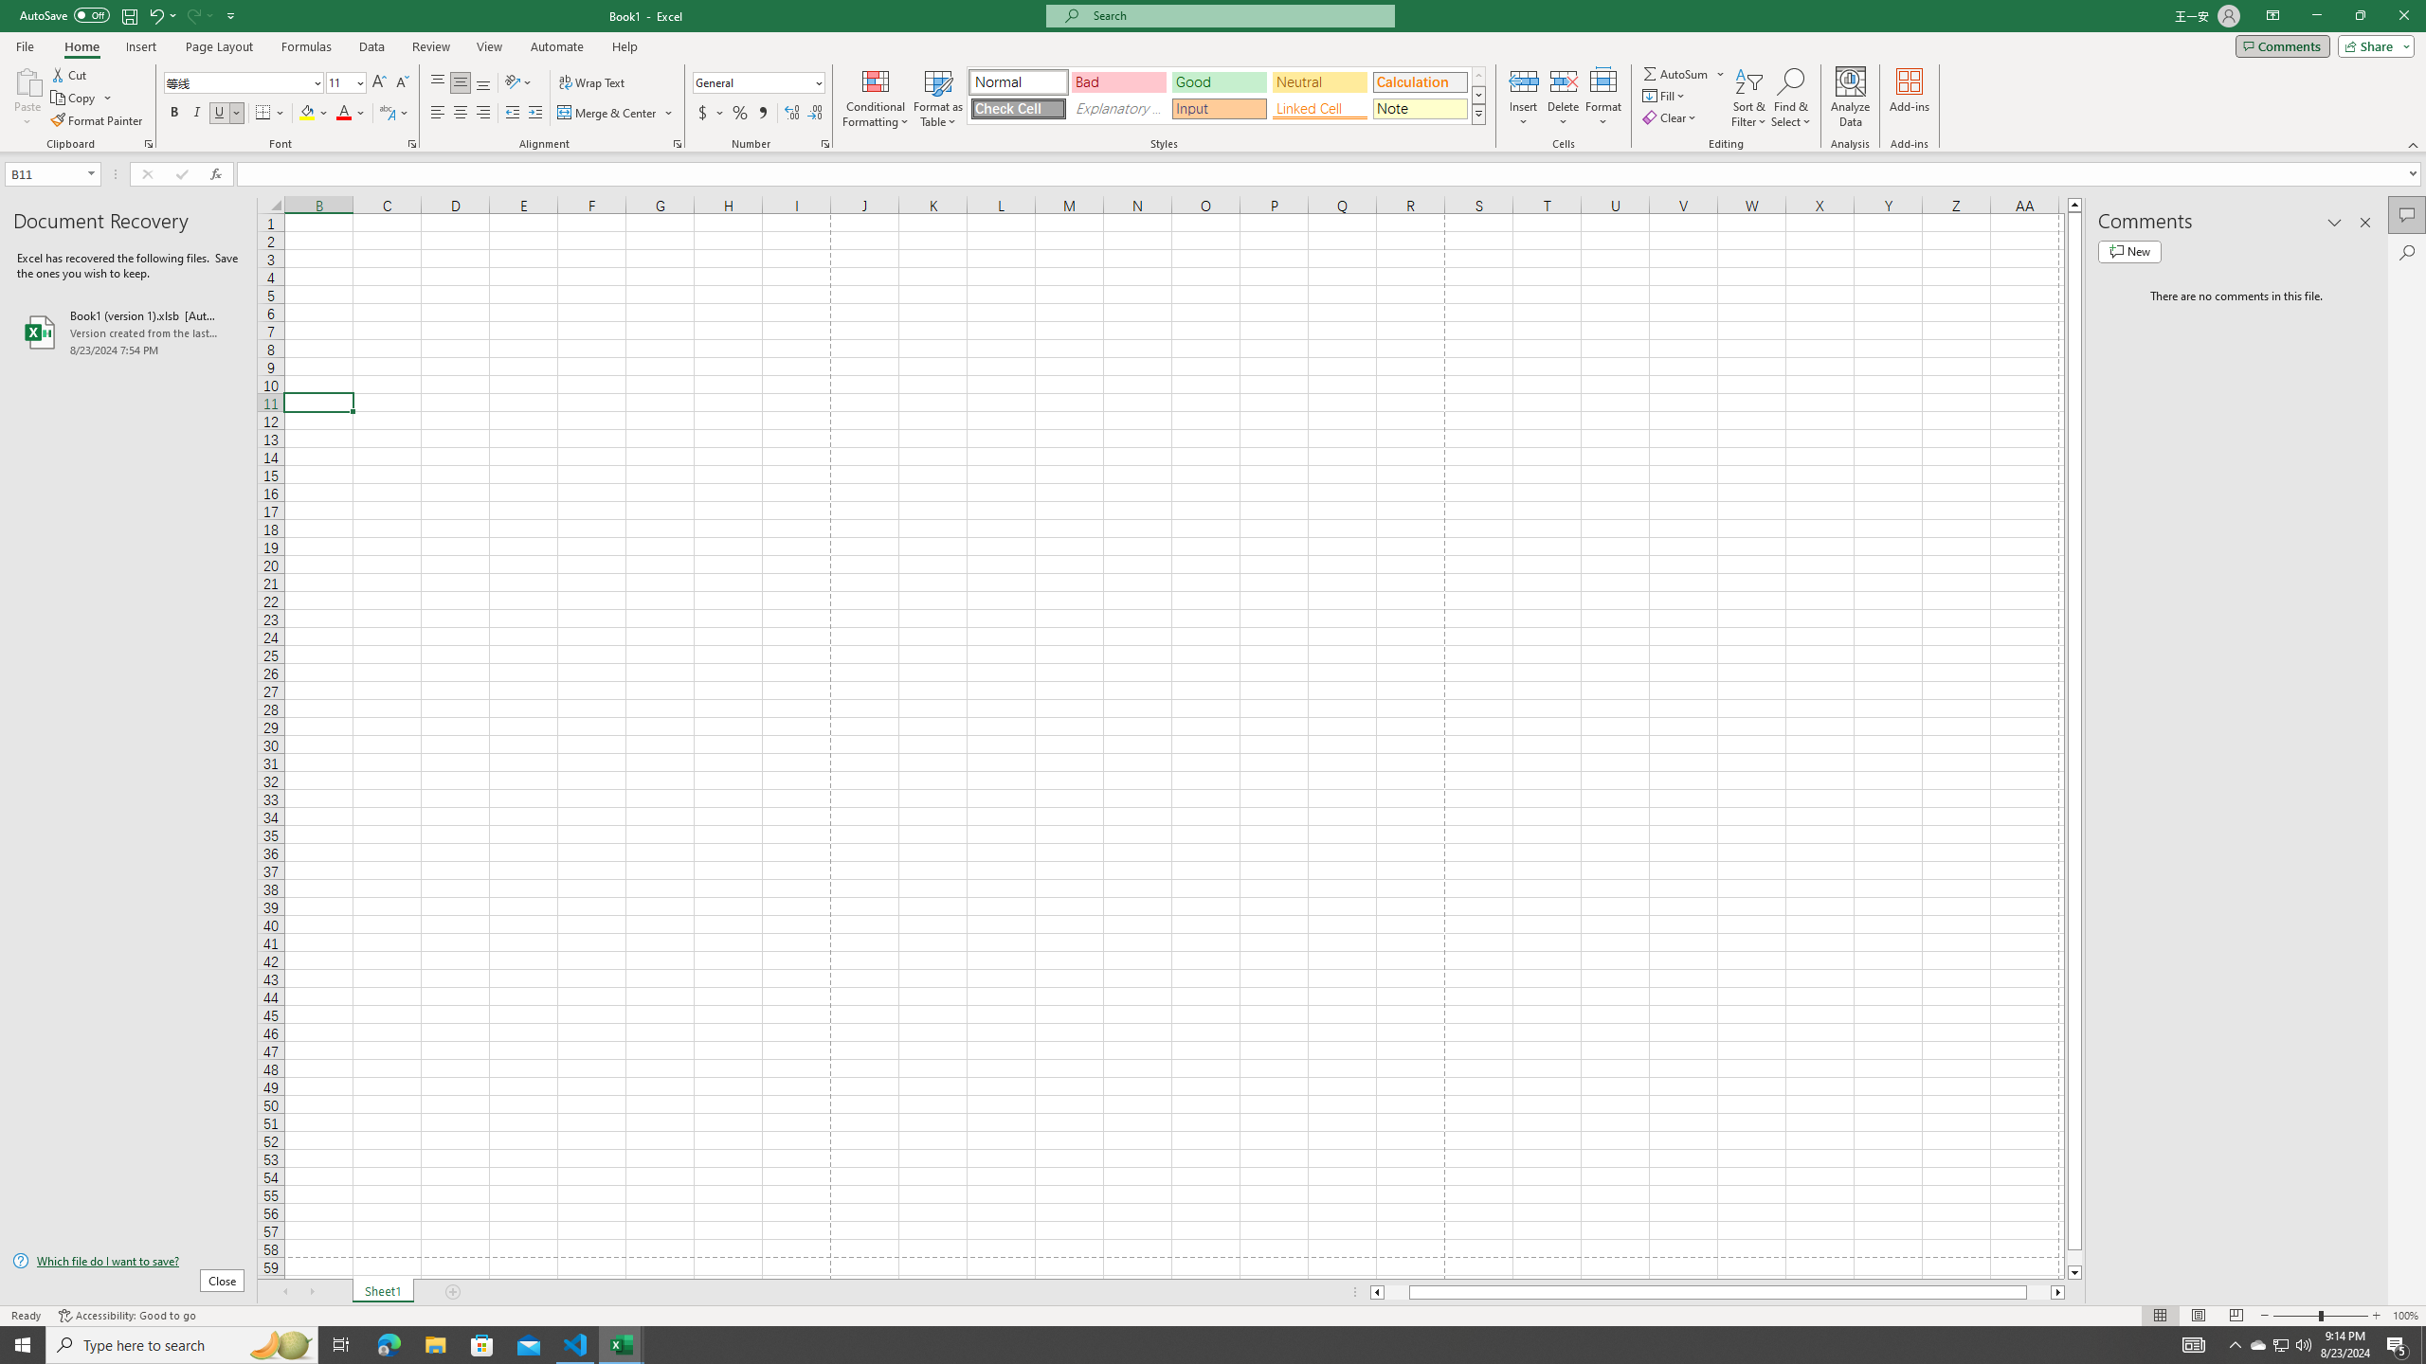 The height and width of the screenshot is (1364, 2426). I want to click on 'Linked Cell', so click(1318, 108).